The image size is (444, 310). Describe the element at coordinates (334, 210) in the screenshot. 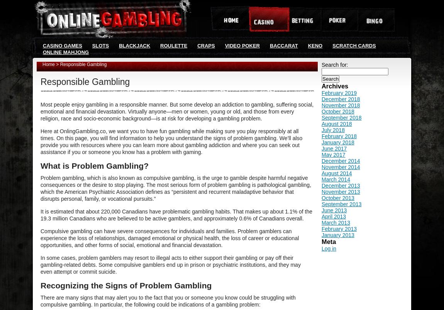

I see `'June 2013'` at that location.